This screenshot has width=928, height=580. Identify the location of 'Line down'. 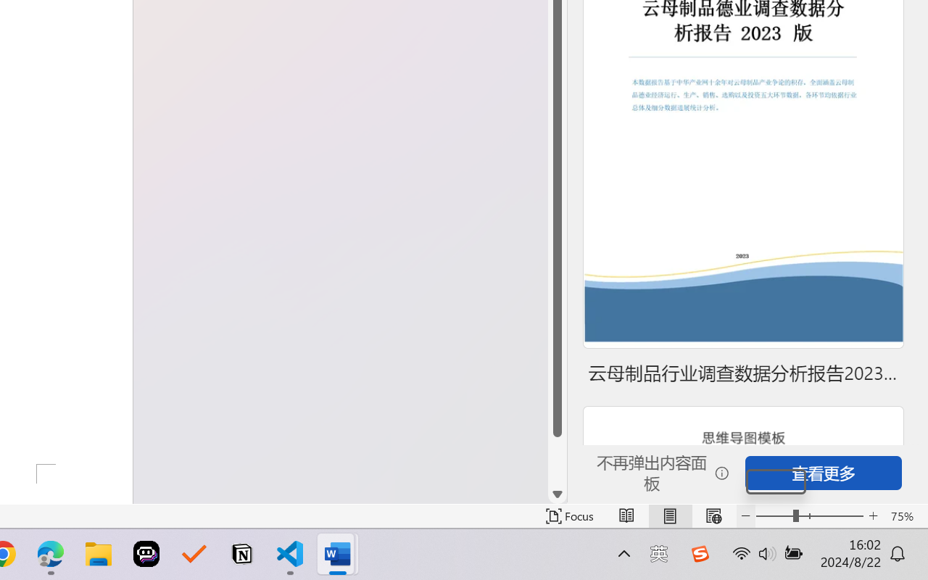
(557, 494).